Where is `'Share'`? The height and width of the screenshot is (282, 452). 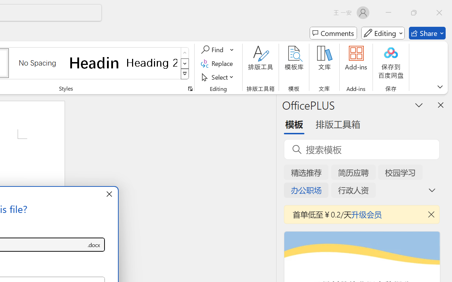
'Share' is located at coordinates (427, 33).